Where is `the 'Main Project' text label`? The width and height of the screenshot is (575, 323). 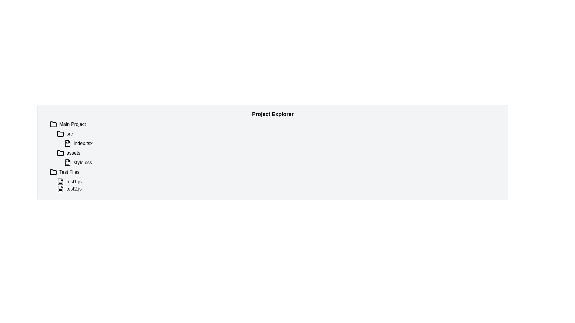 the 'Main Project' text label is located at coordinates (72, 124).